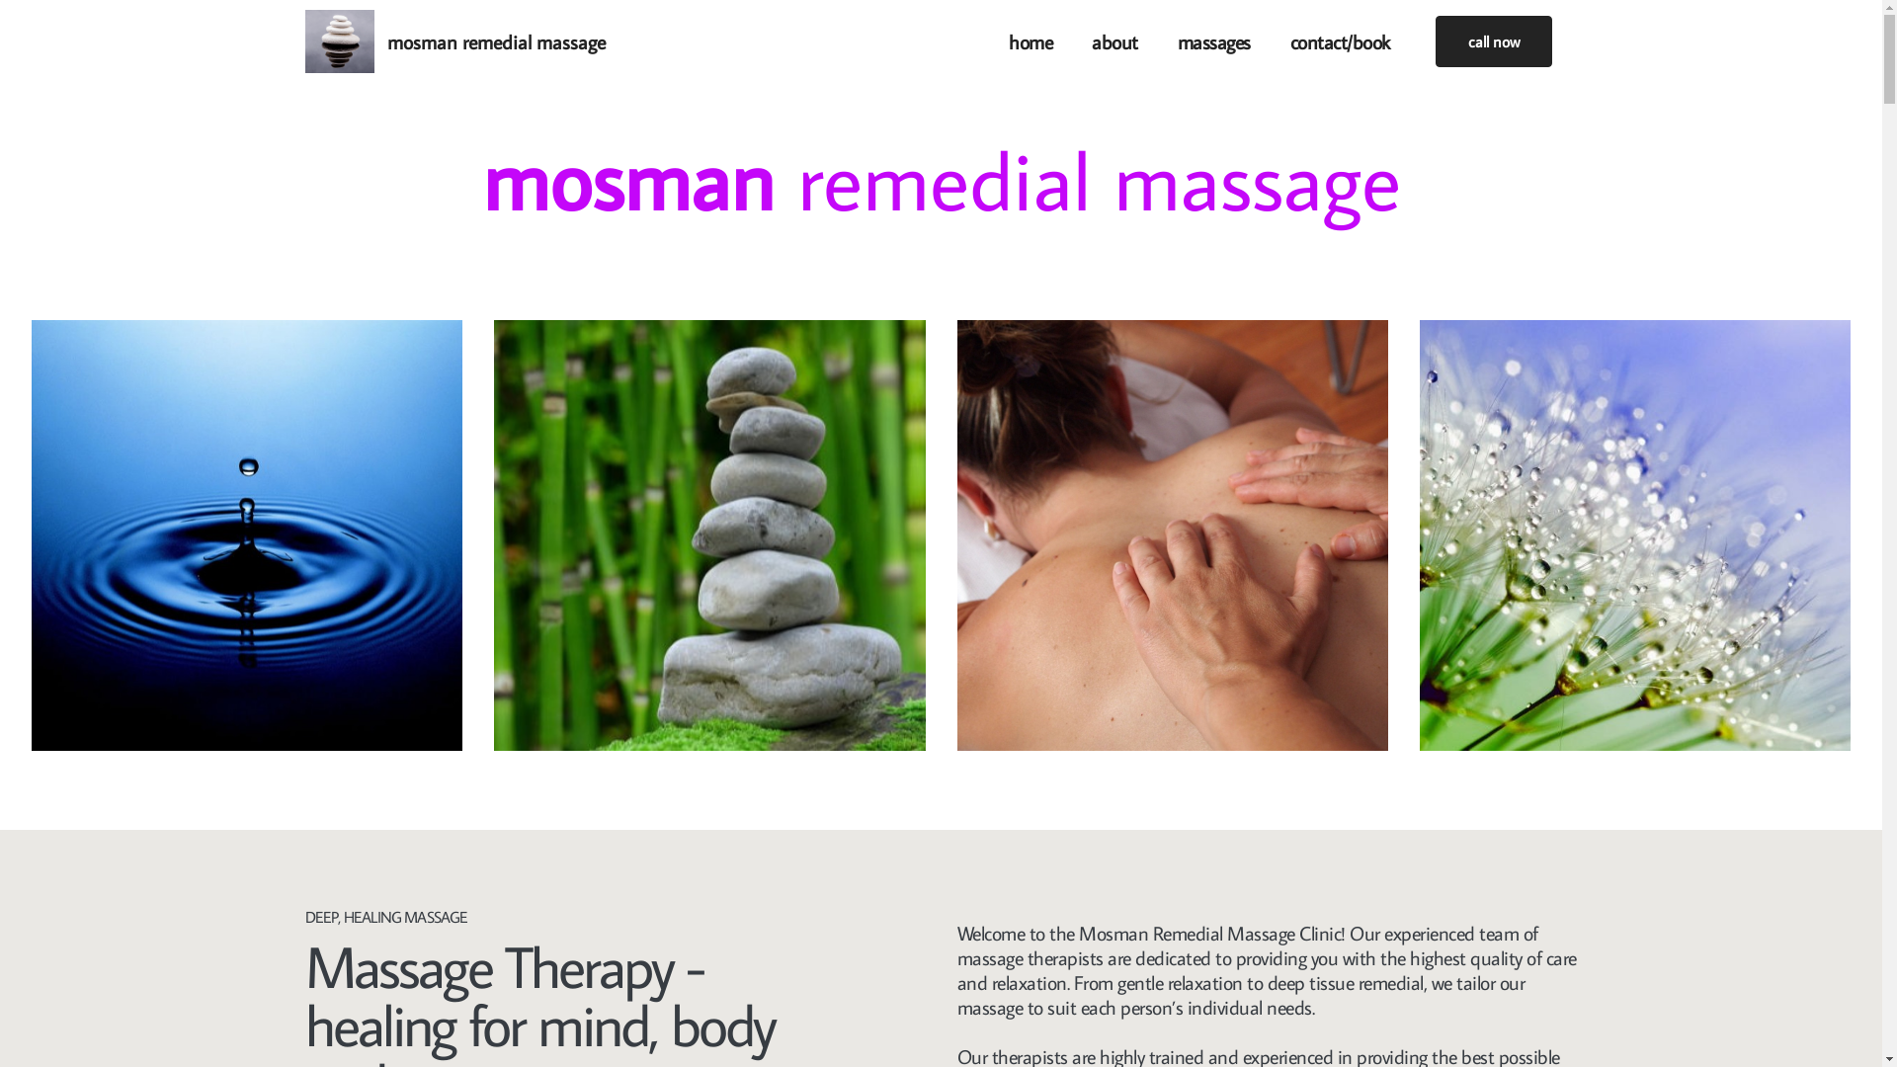  Describe the element at coordinates (496, 41) in the screenshot. I see `'mosman remedial massage'` at that location.